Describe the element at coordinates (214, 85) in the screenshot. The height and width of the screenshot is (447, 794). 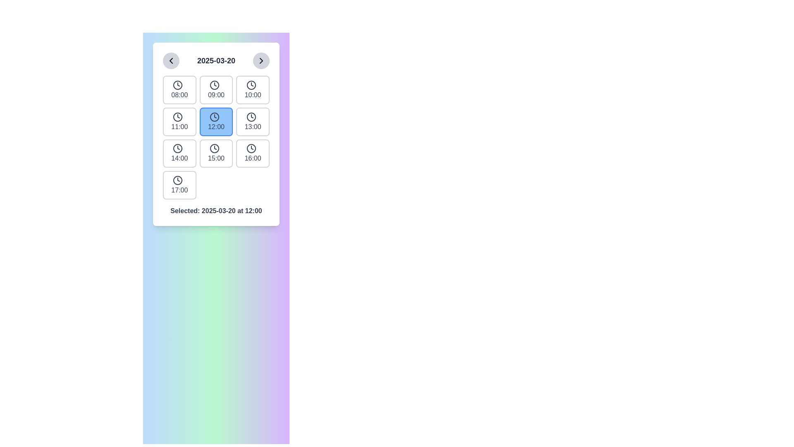
I see `the clock icon representing the time 09:00, located in the top row, middle column of the time selection grid` at that location.